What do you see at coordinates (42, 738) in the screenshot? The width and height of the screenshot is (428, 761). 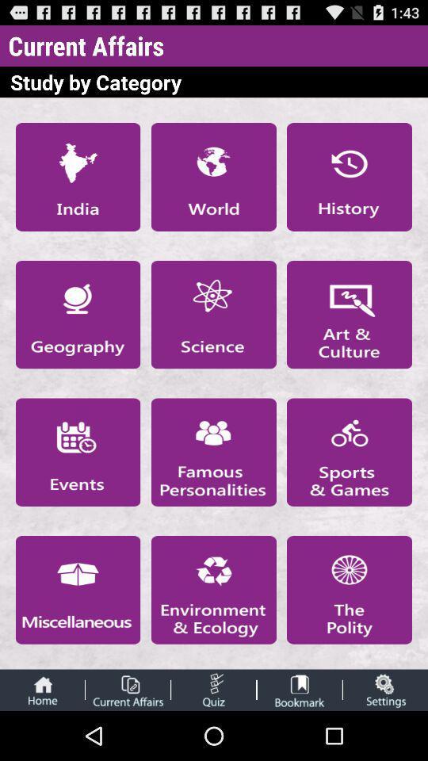 I see `the home icon` at bounding box center [42, 738].